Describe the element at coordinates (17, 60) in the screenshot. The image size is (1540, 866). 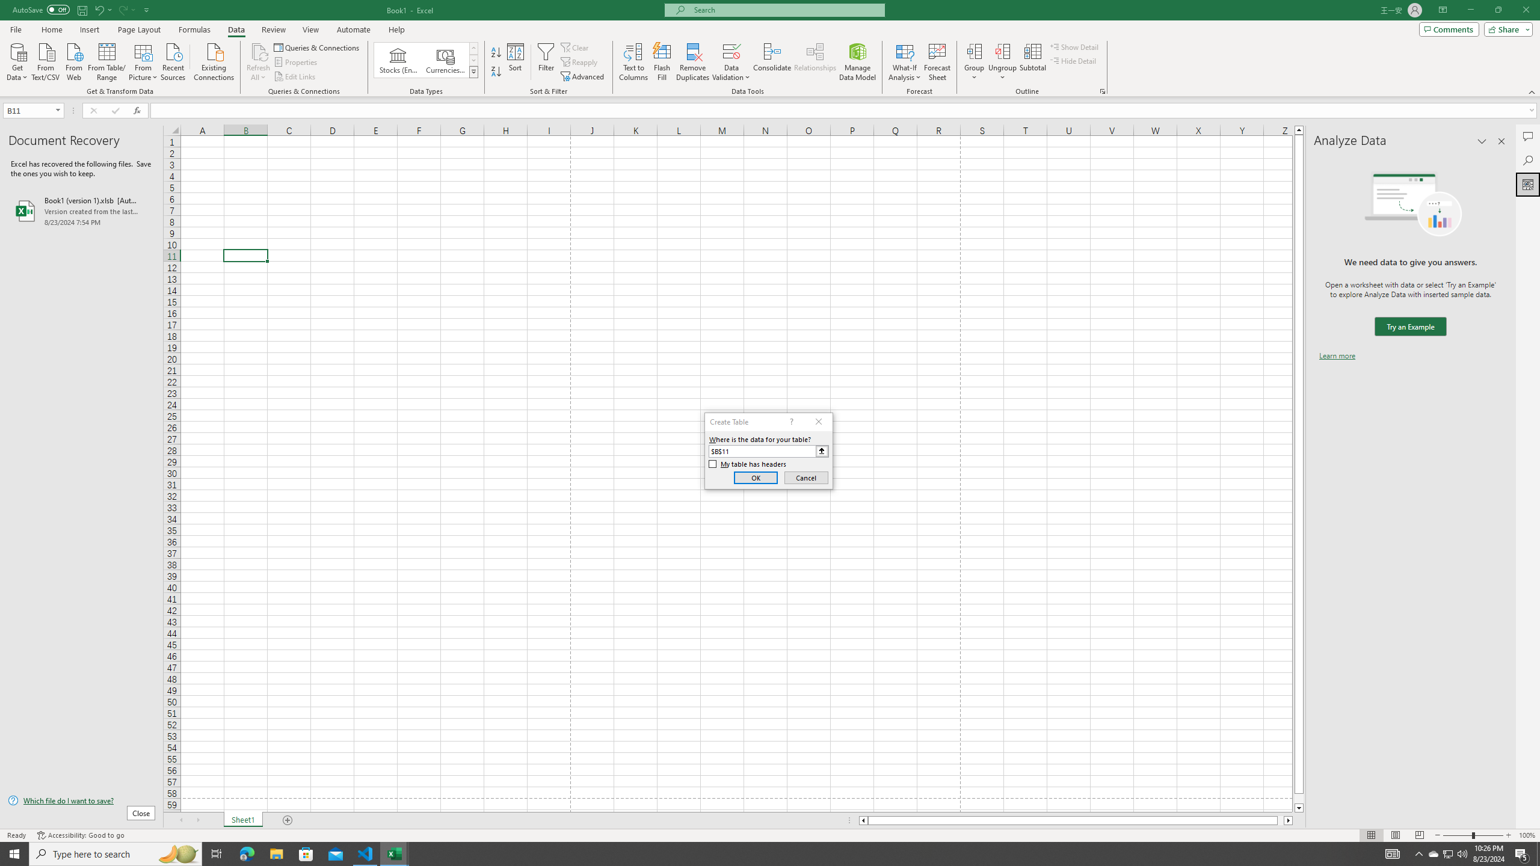
I see `'Get Data'` at that location.